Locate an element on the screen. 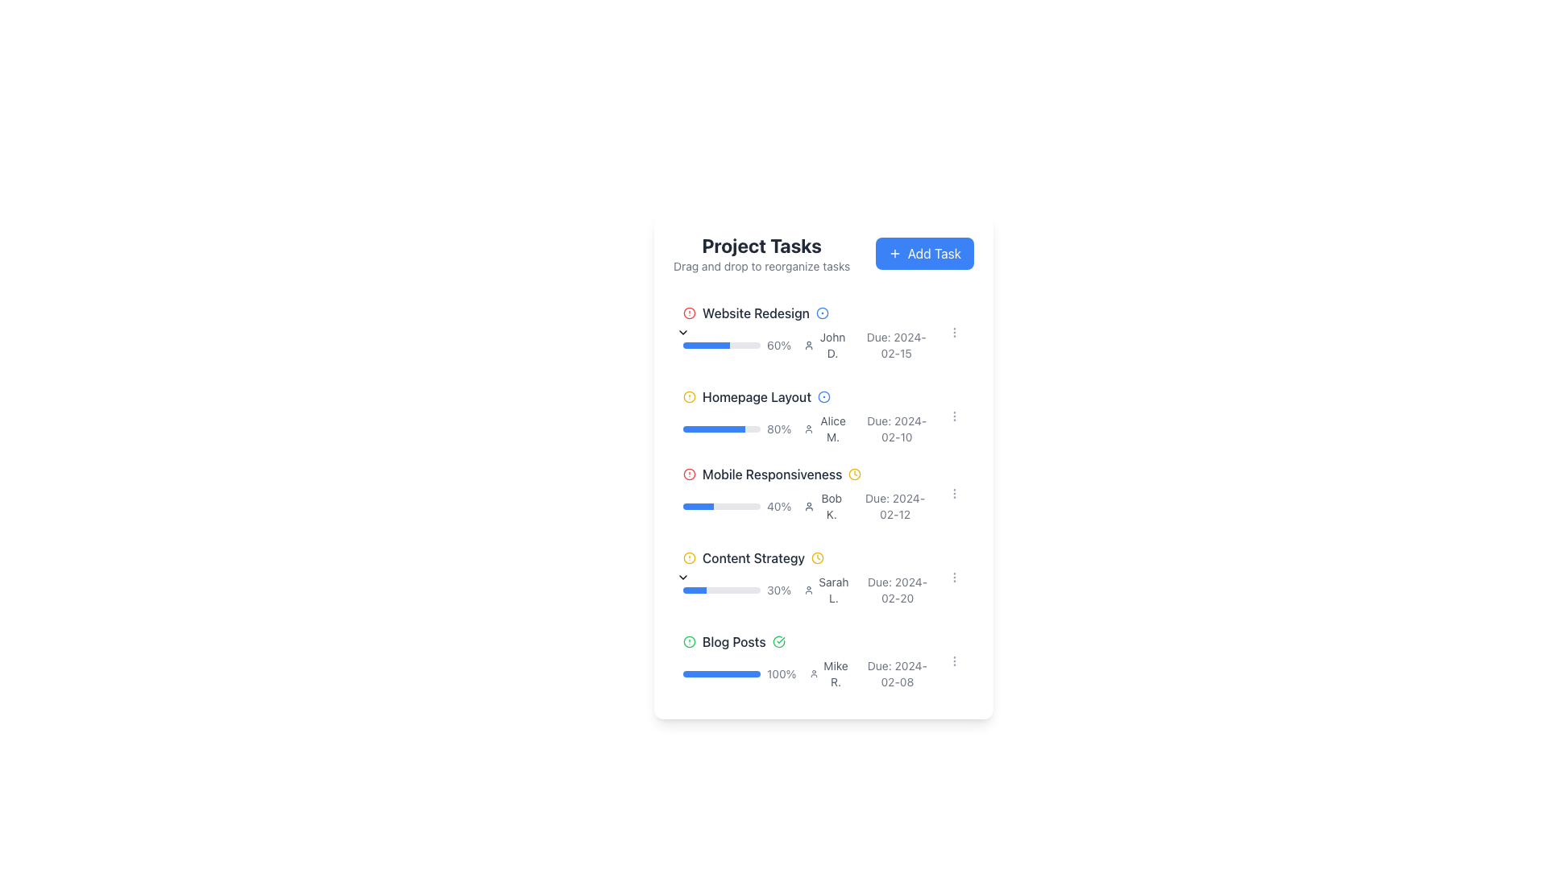 This screenshot has width=1547, height=870. progress is located at coordinates (704, 505).